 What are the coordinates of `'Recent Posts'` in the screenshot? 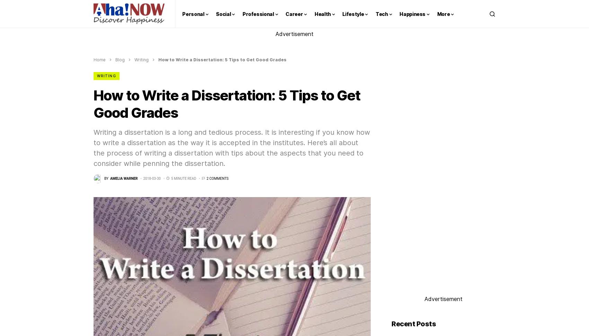 It's located at (413, 323).